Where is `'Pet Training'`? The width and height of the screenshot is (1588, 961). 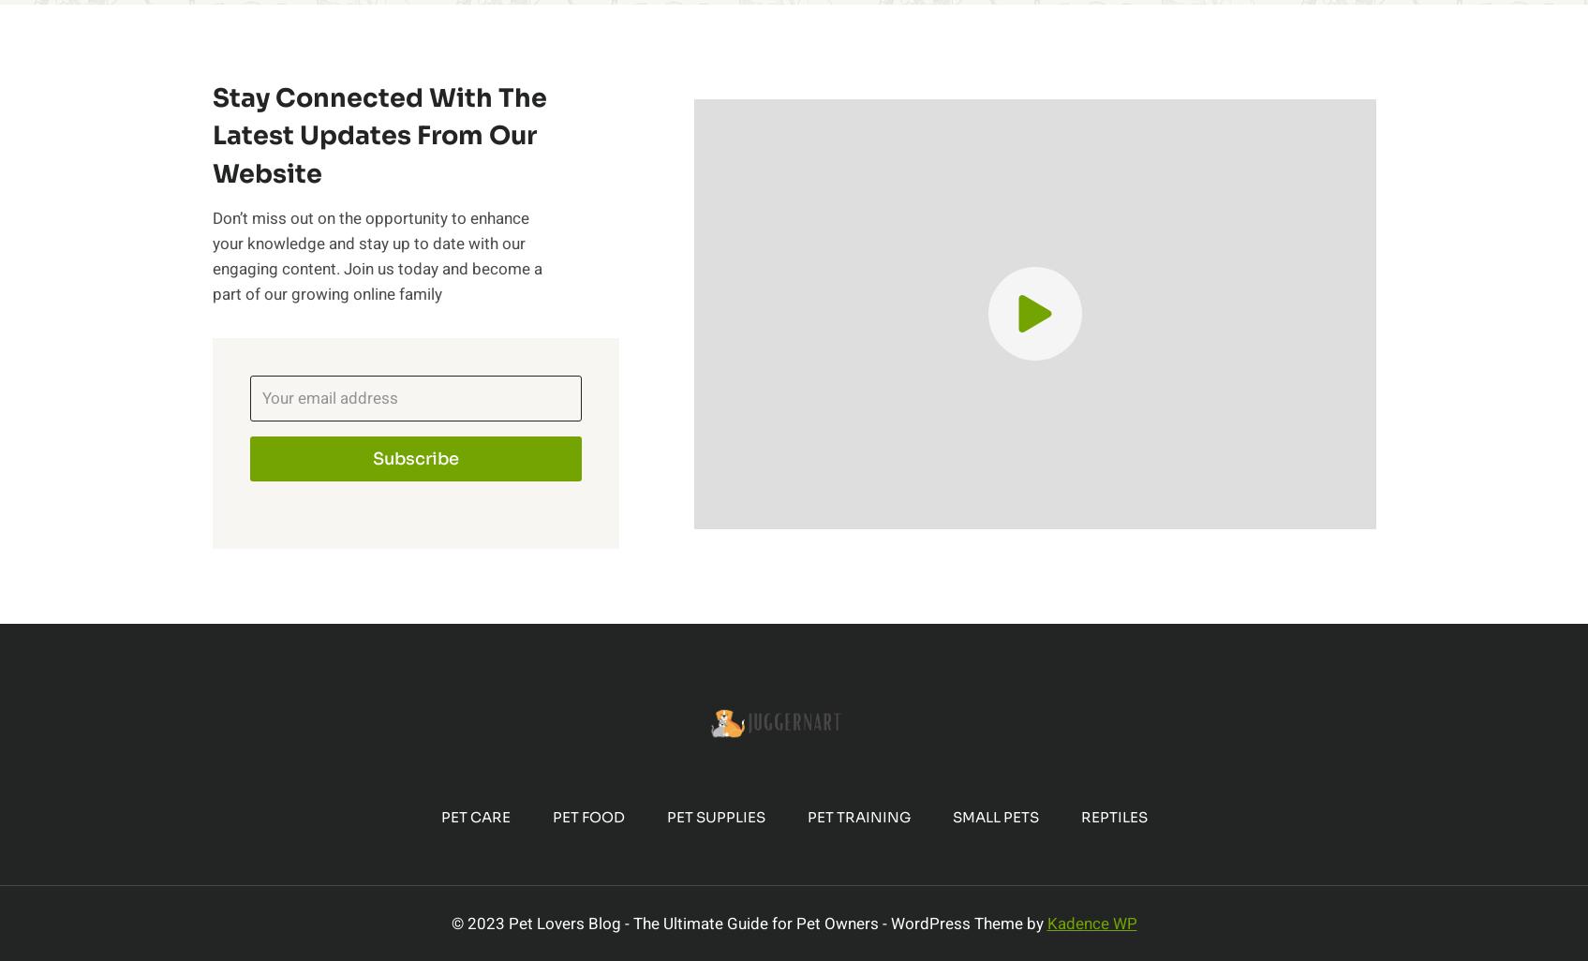
'Pet Training' is located at coordinates (857, 817).